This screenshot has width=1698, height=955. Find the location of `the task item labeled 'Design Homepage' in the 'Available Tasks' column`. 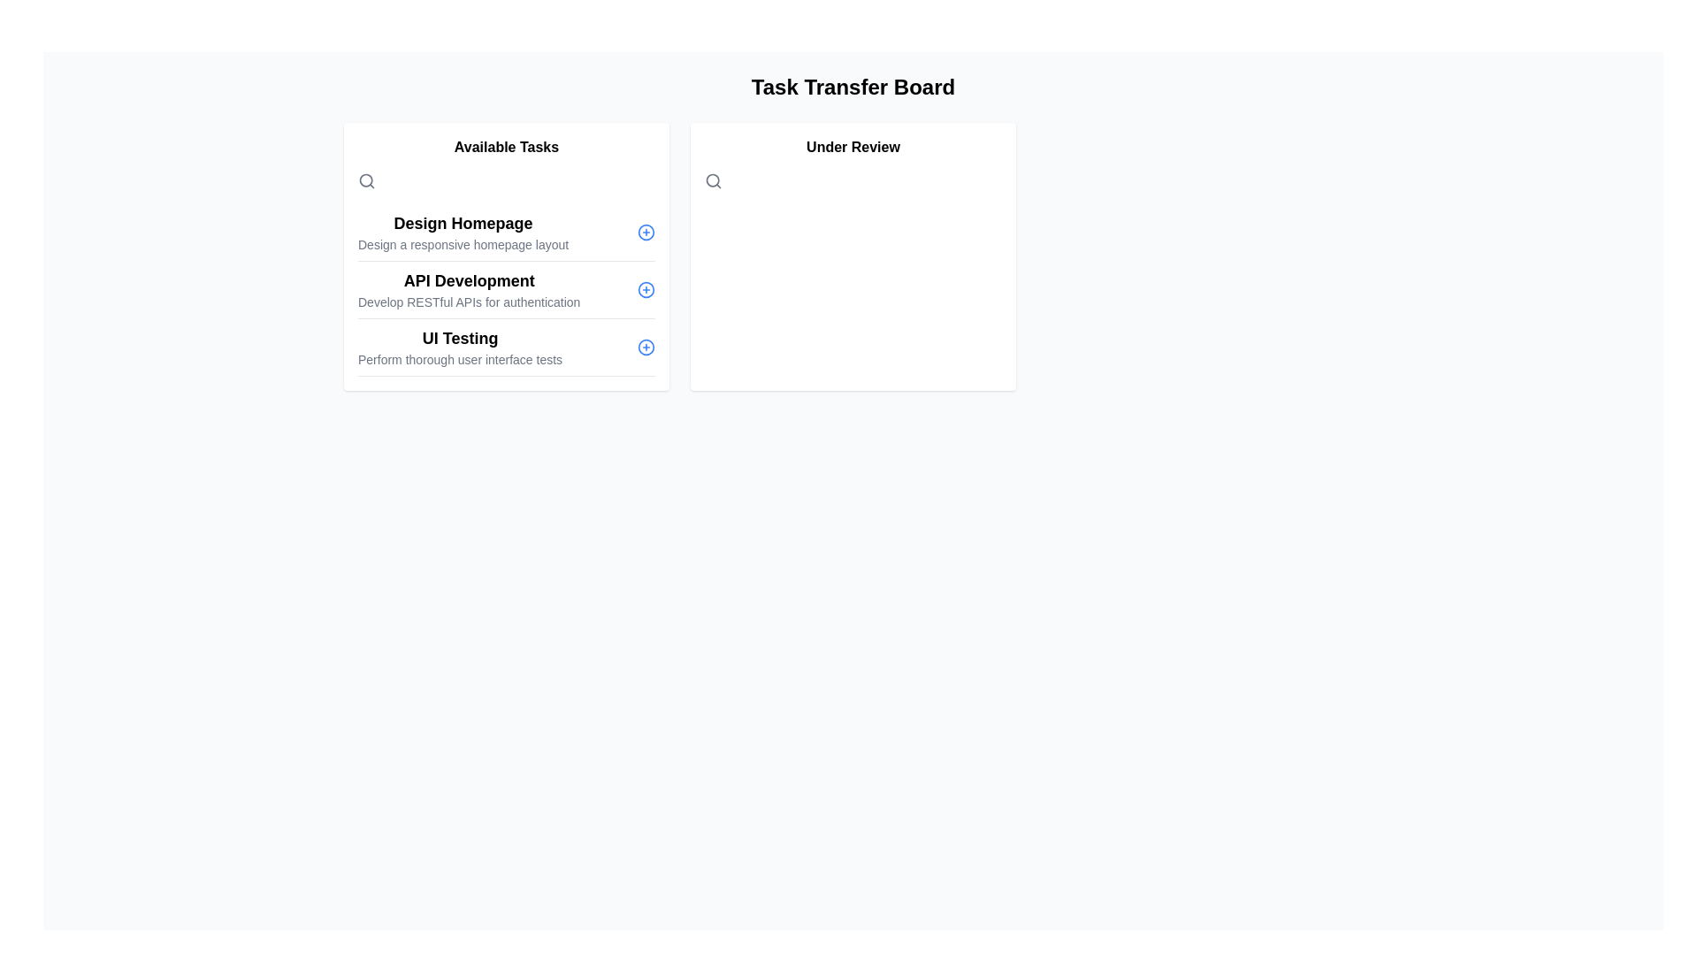

the task item labeled 'Design Homepage' in the 'Available Tasks' column is located at coordinates (505, 231).